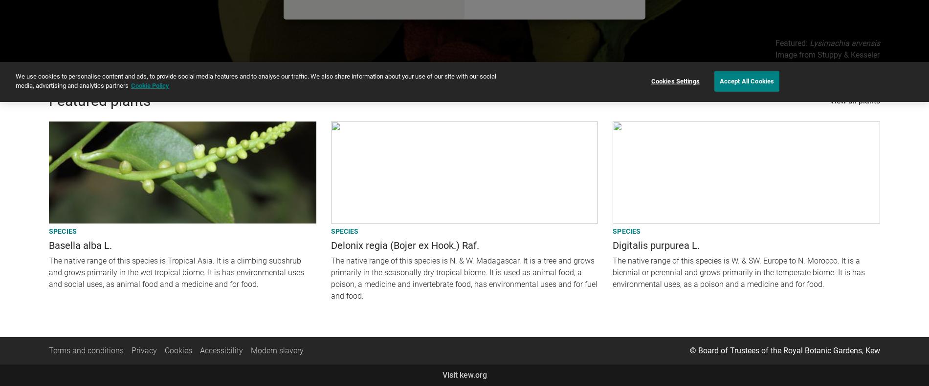 The height and width of the screenshot is (386, 929). I want to click on 'Featured plants', so click(100, 101).